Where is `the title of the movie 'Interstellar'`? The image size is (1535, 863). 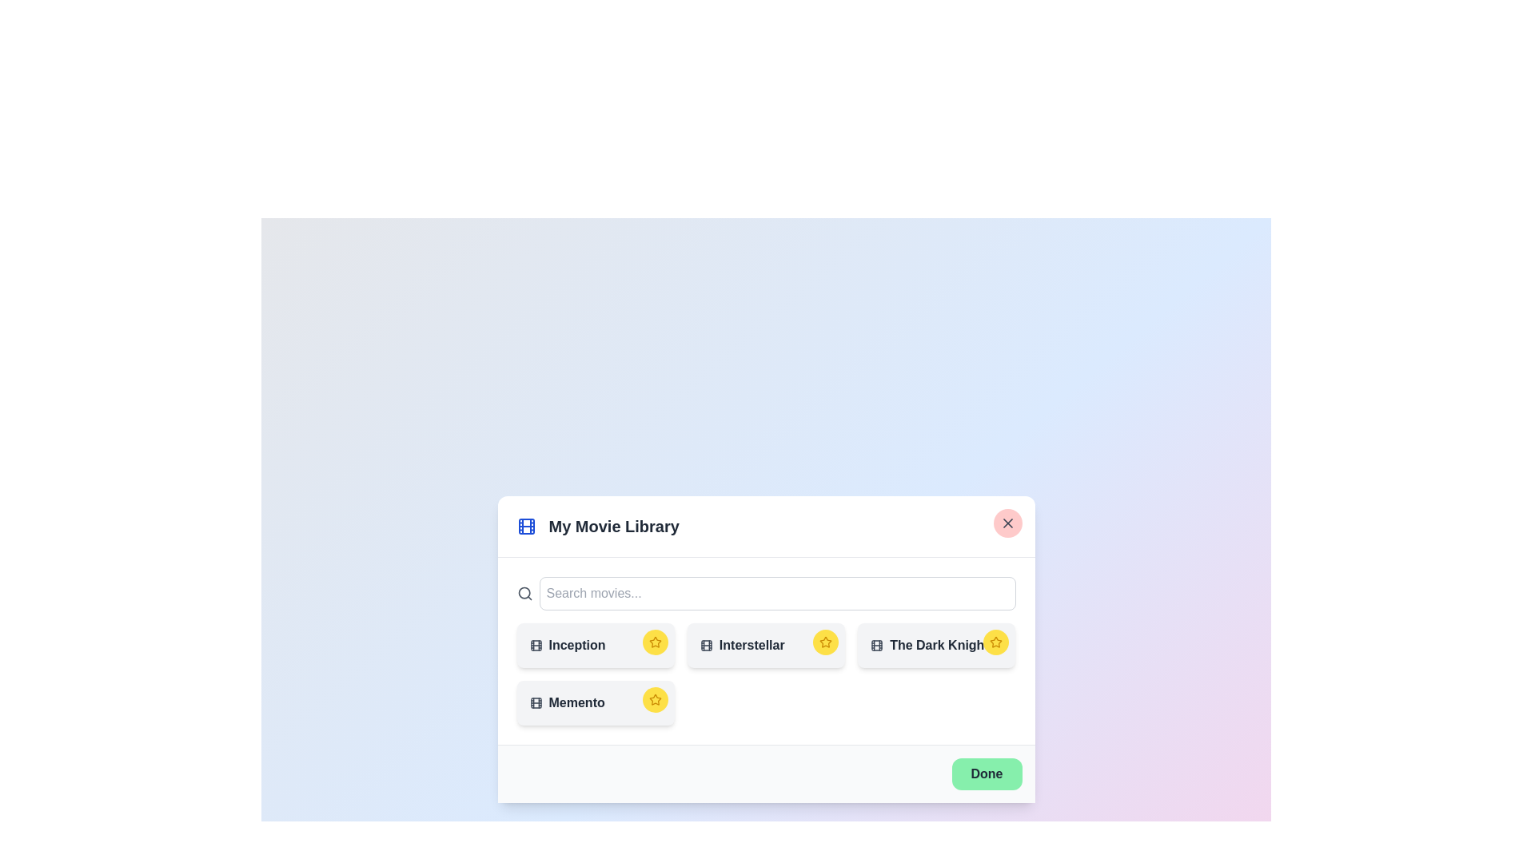 the title of the movie 'Interstellar' is located at coordinates (765, 644).